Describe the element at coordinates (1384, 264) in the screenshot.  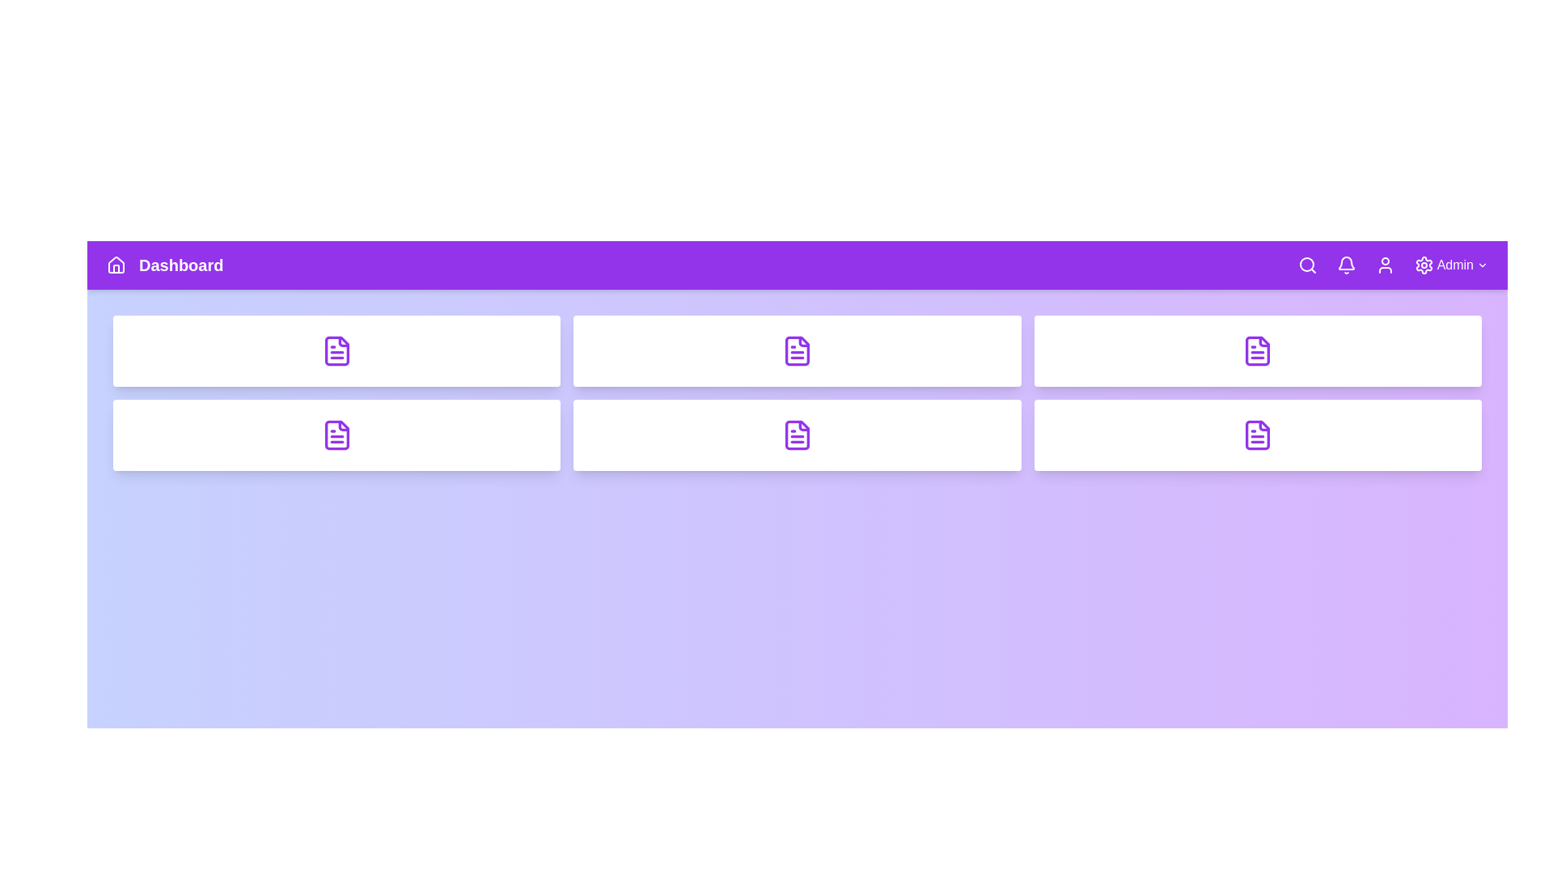
I see `the User navigation icon` at that location.